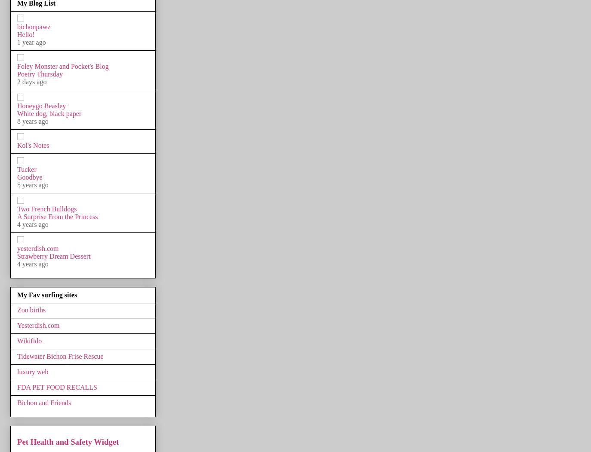  What do you see at coordinates (26, 169) in the screenshot?
I see `'Tucker'` at bounding box center [26, 169].